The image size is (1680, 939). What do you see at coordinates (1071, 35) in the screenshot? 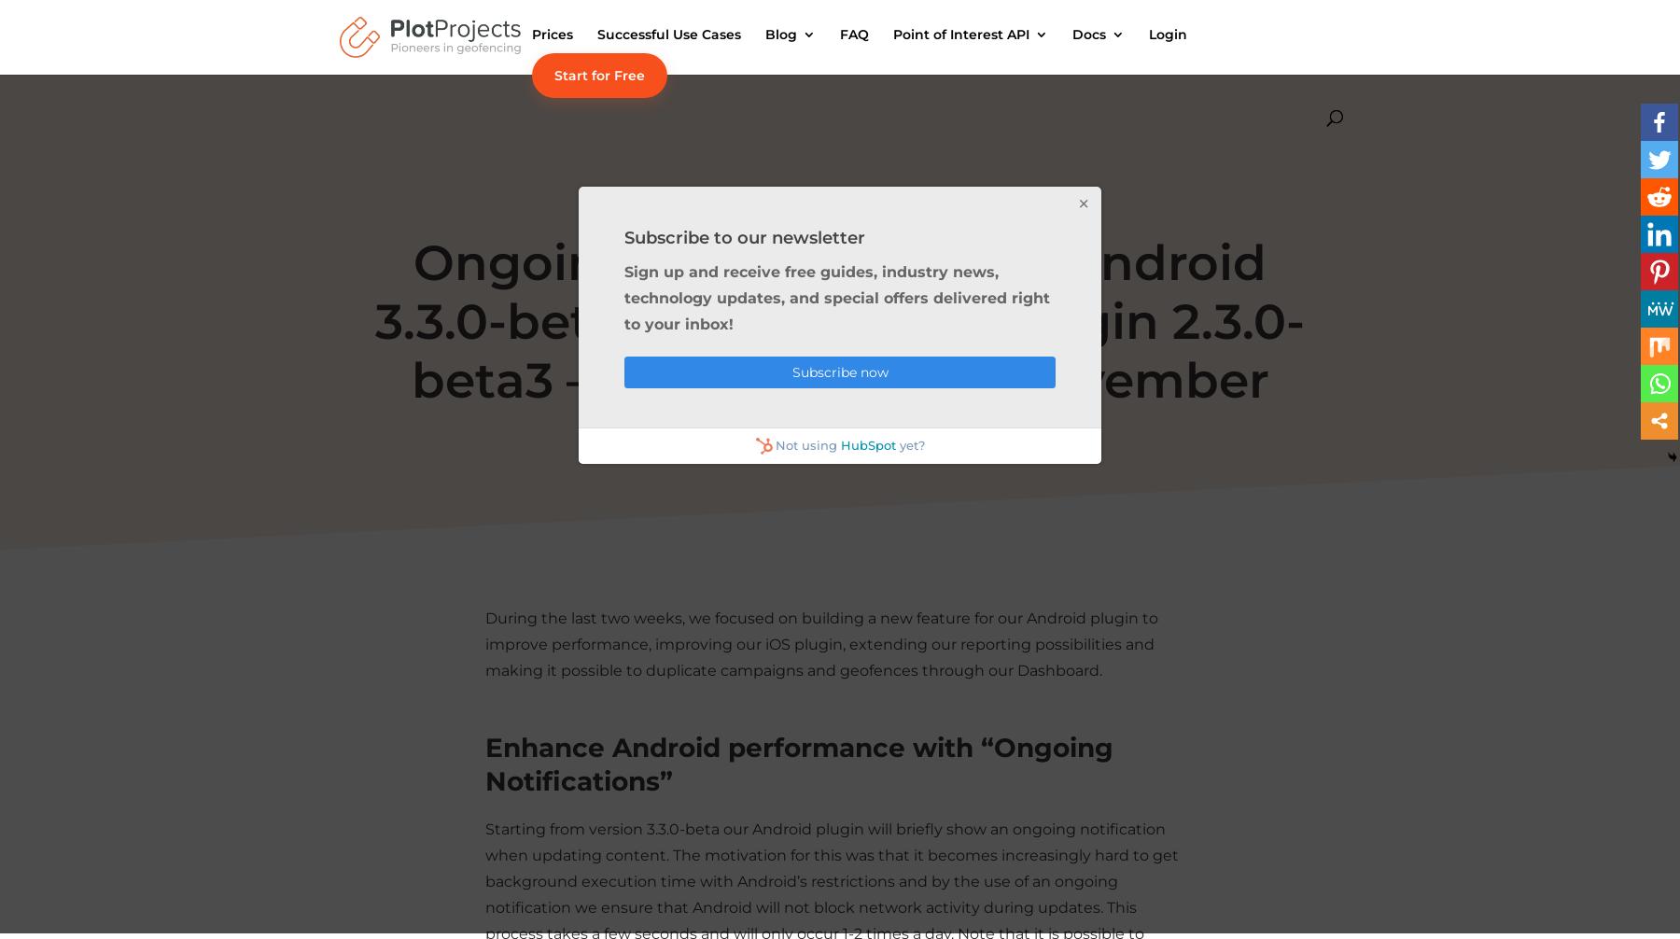
I see `'Docs'` at bounding box center [1071, 35].